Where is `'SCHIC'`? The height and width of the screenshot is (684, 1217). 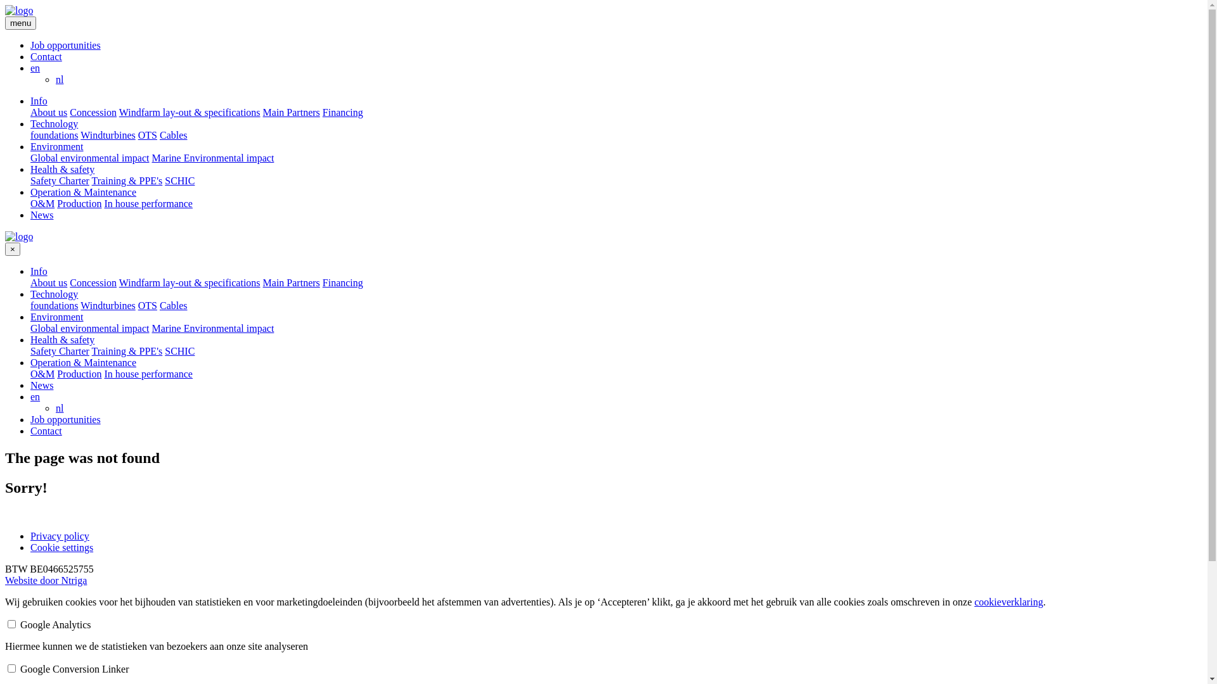
'SCHIC' is located at coordinates (164, 351).